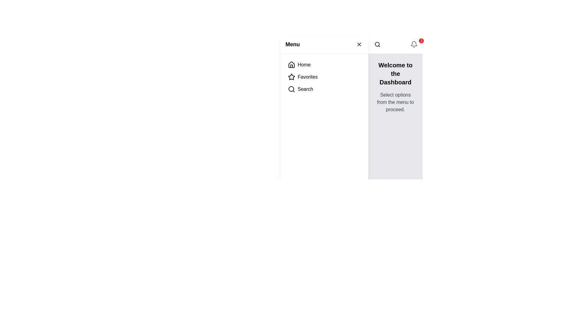 This screenshot has height=329, width=585. I want to click on the circular search icon button with a magnifying glass symbol located at the top right corner of the interface, so click(377, 44).